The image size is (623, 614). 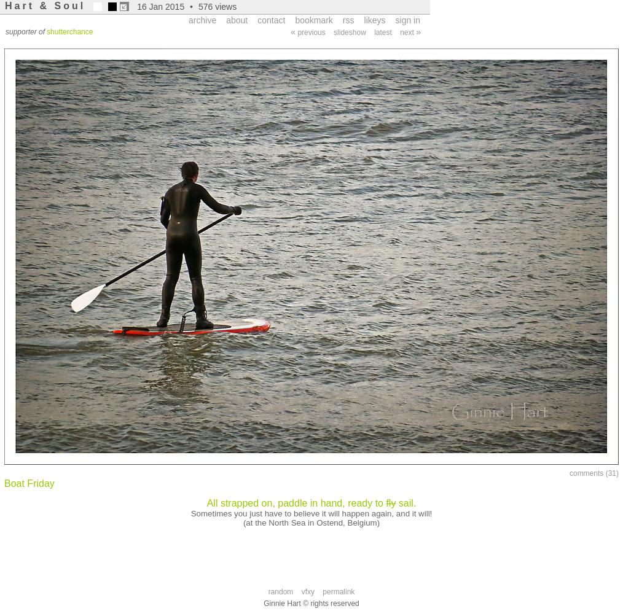 I want to click on '(at the North Sea in Ostend, Belgium)', so click(x=311, y=522).